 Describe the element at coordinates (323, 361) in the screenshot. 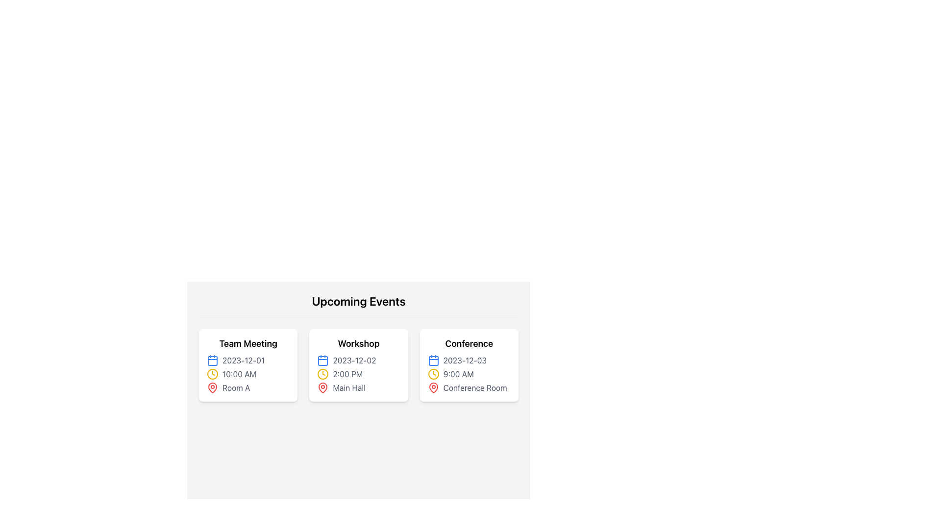

I see `the calendar icon located to the left of the date '2023-12-02' in the 'Workshop' card, which is positioned in the center of a three-column grid` at that location.